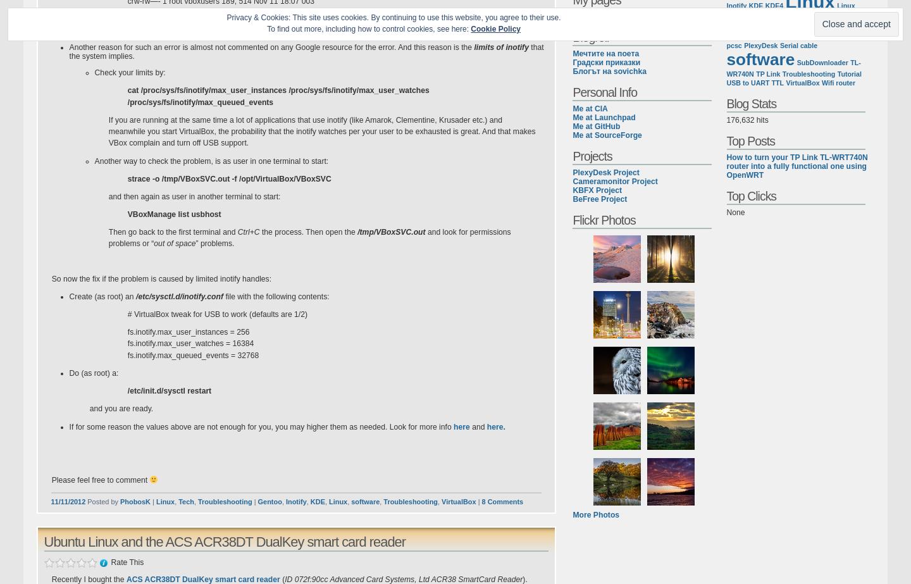 The width and height of the screenshot is (911, 584). Describe the element at coordinates (260, 425) in the screenshot. I see `'If for some reason the values above are not enough for you, you may higher them as needed. Look for more info'` at that location.